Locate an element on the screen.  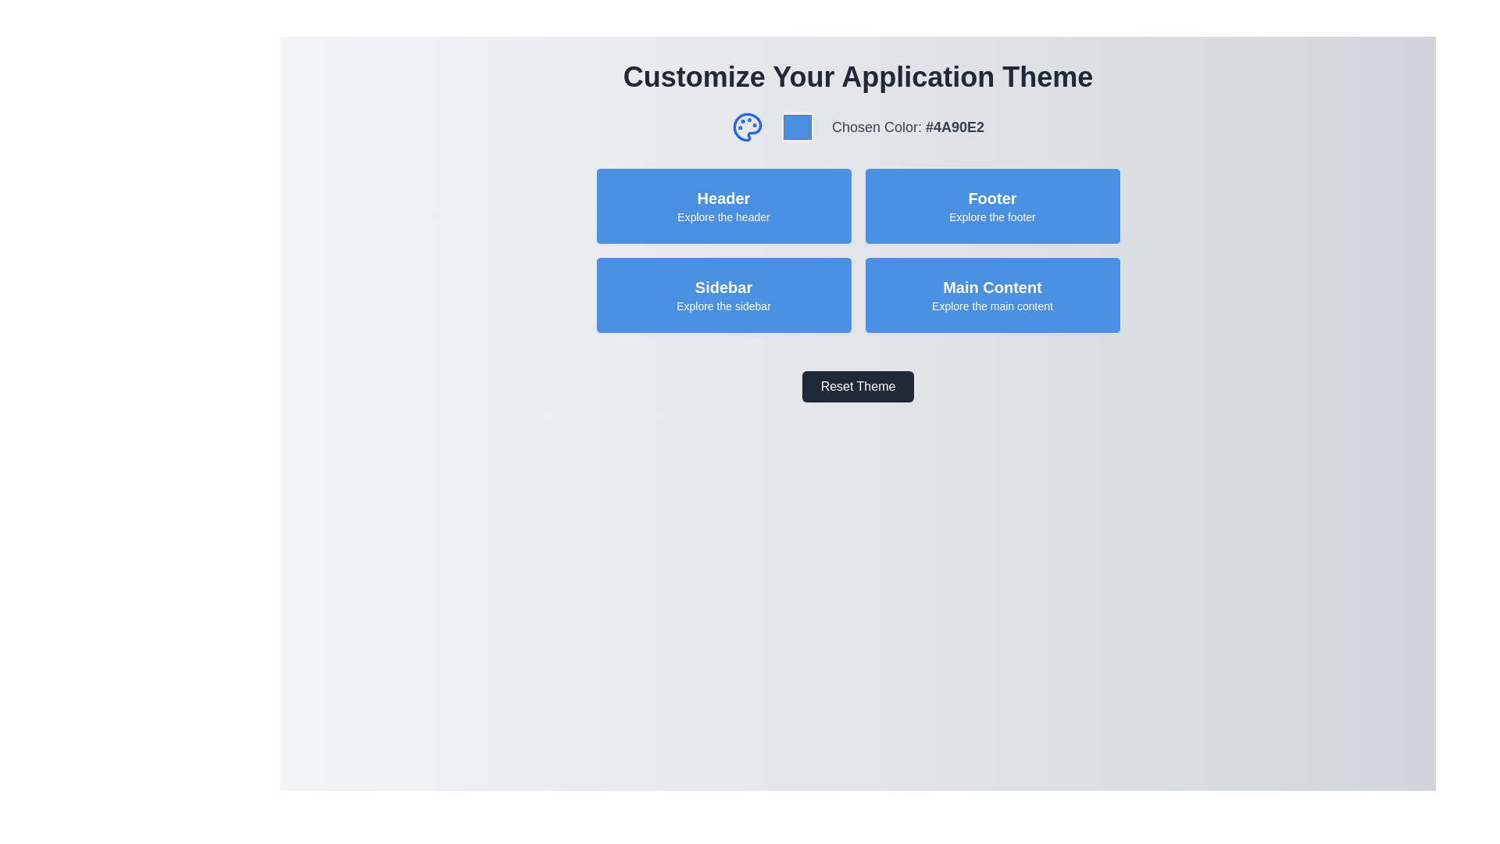
the Text Display Label showing the color code '#4A90E2', which is located to the right of the label 'Chosen Color:' in the top-right area of the interface is located at coordinates (954, 126).